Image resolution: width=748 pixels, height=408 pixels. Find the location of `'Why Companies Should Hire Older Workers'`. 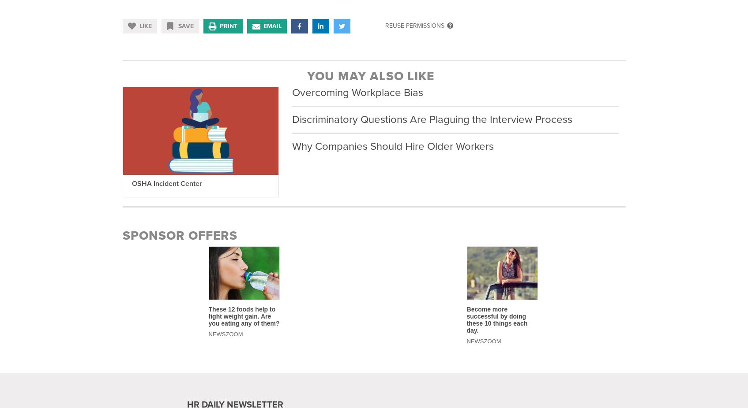

'Why Companies Should Hire Older Workers' is located at coordinates (392, 146).